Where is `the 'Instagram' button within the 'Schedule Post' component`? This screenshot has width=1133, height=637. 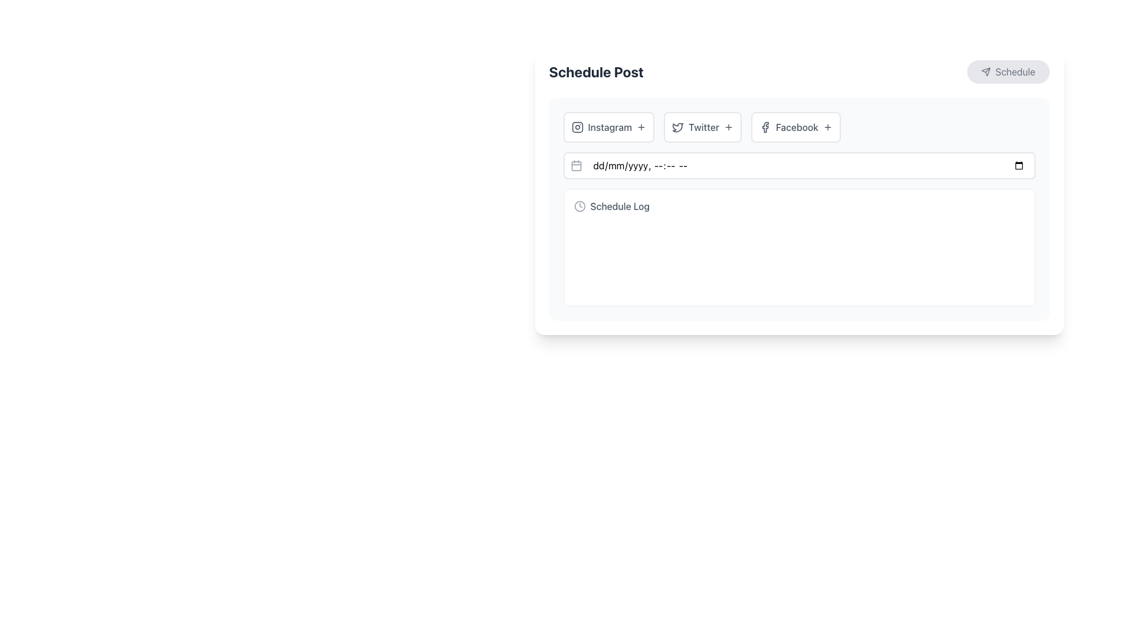
the 'Instagram' button within the 'Schedule Post' component is located at coordinates (799, 190).